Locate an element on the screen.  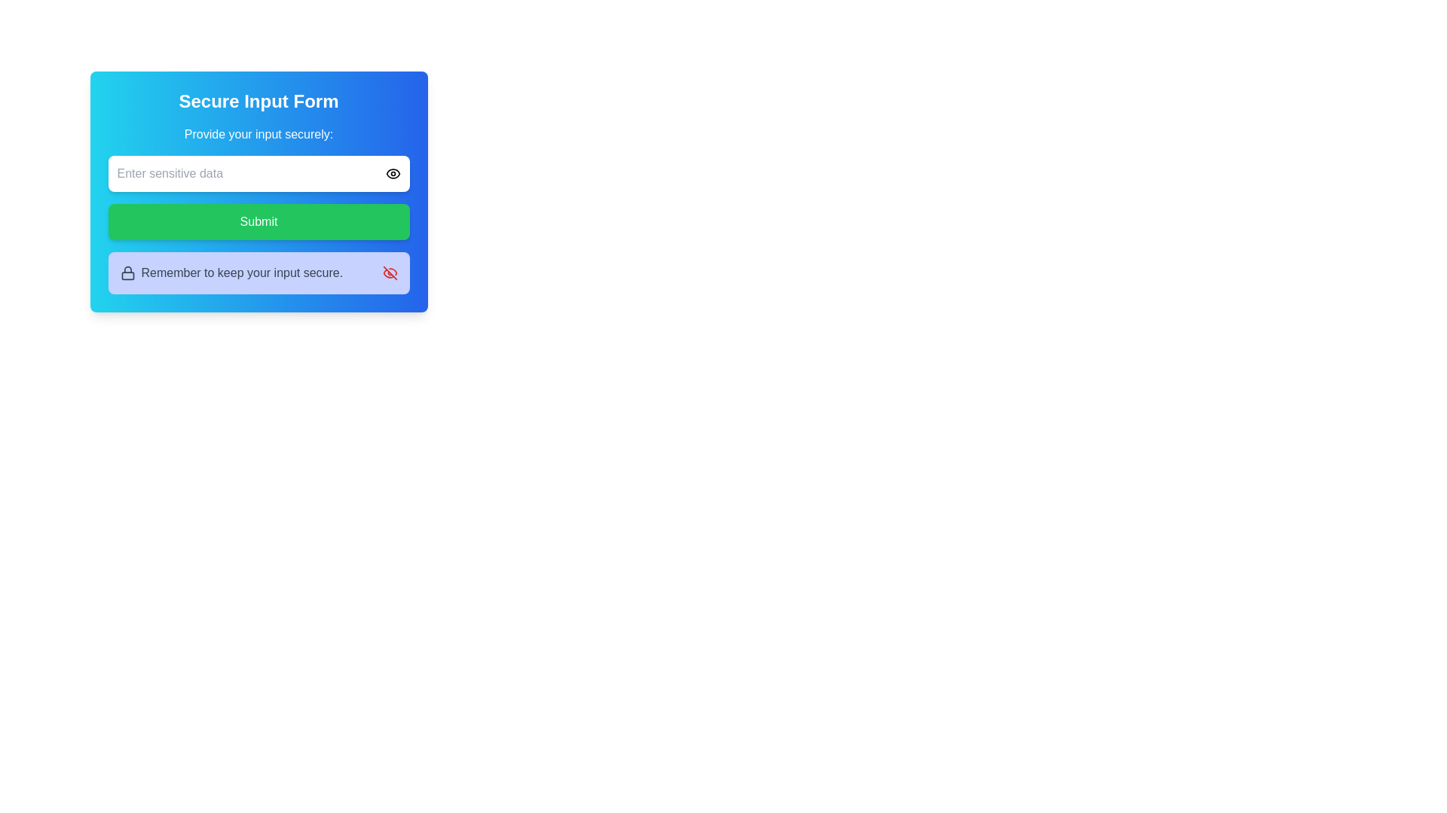
text label that instructs the user to 'Provide your input securely:' which is located below the heading 'Secure Input Form' and above the input field is located at coordinates (259, 133).